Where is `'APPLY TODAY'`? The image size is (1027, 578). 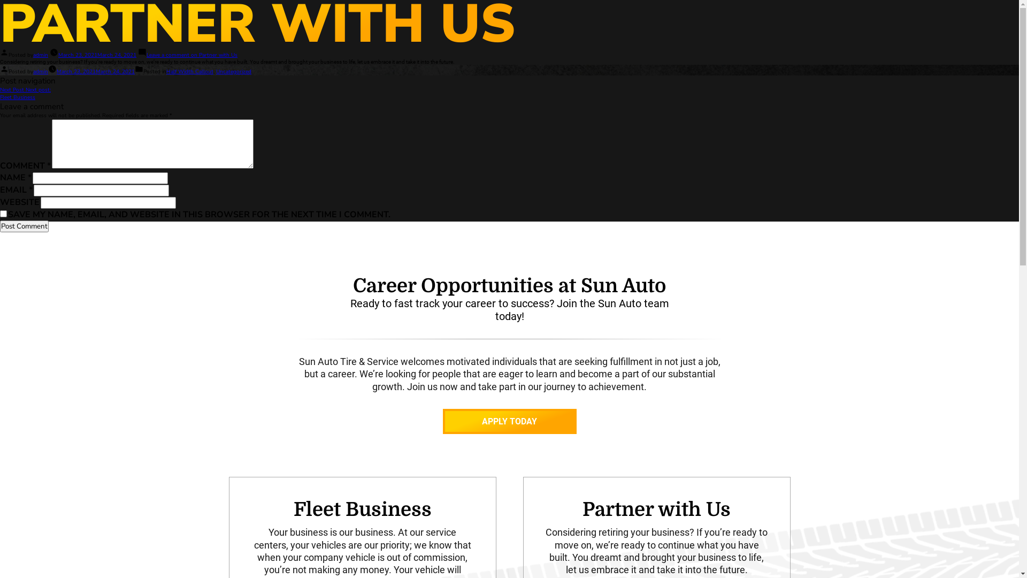 'APPLY TODAY' is located at coordinates (509, 421).